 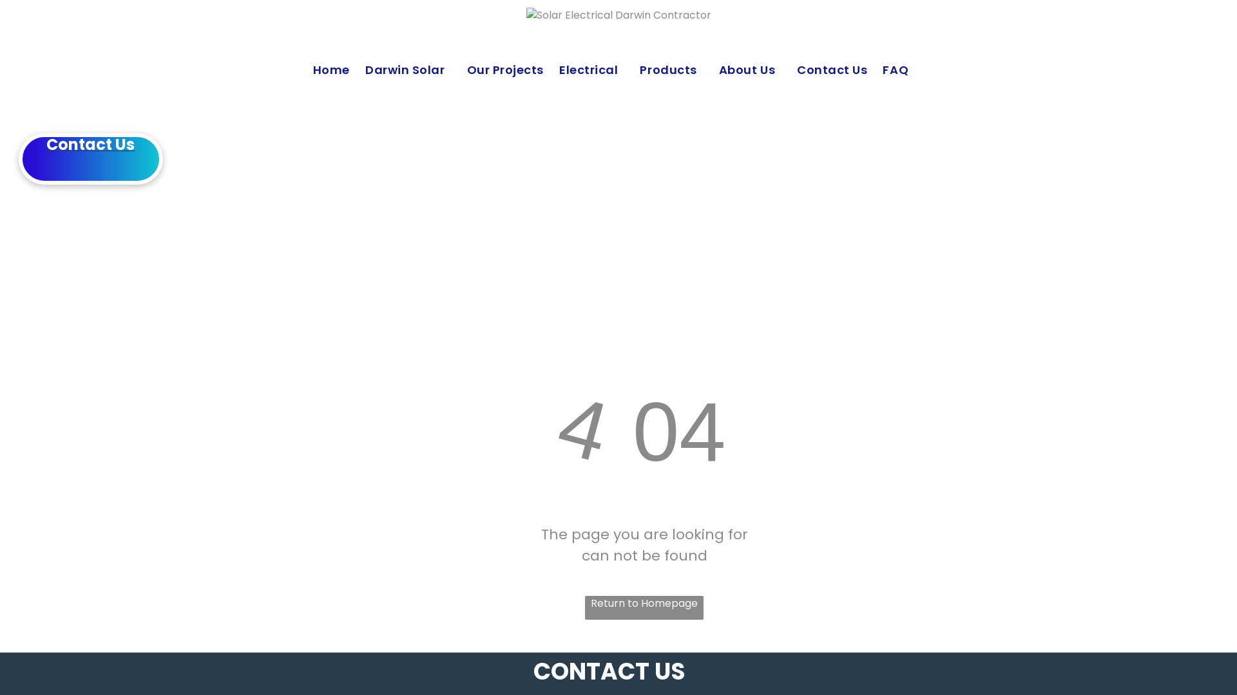 What do you see at coordinates (466, 69) in the screenshot?
I see `'Our Projects'` at bounding box center [466, 69].